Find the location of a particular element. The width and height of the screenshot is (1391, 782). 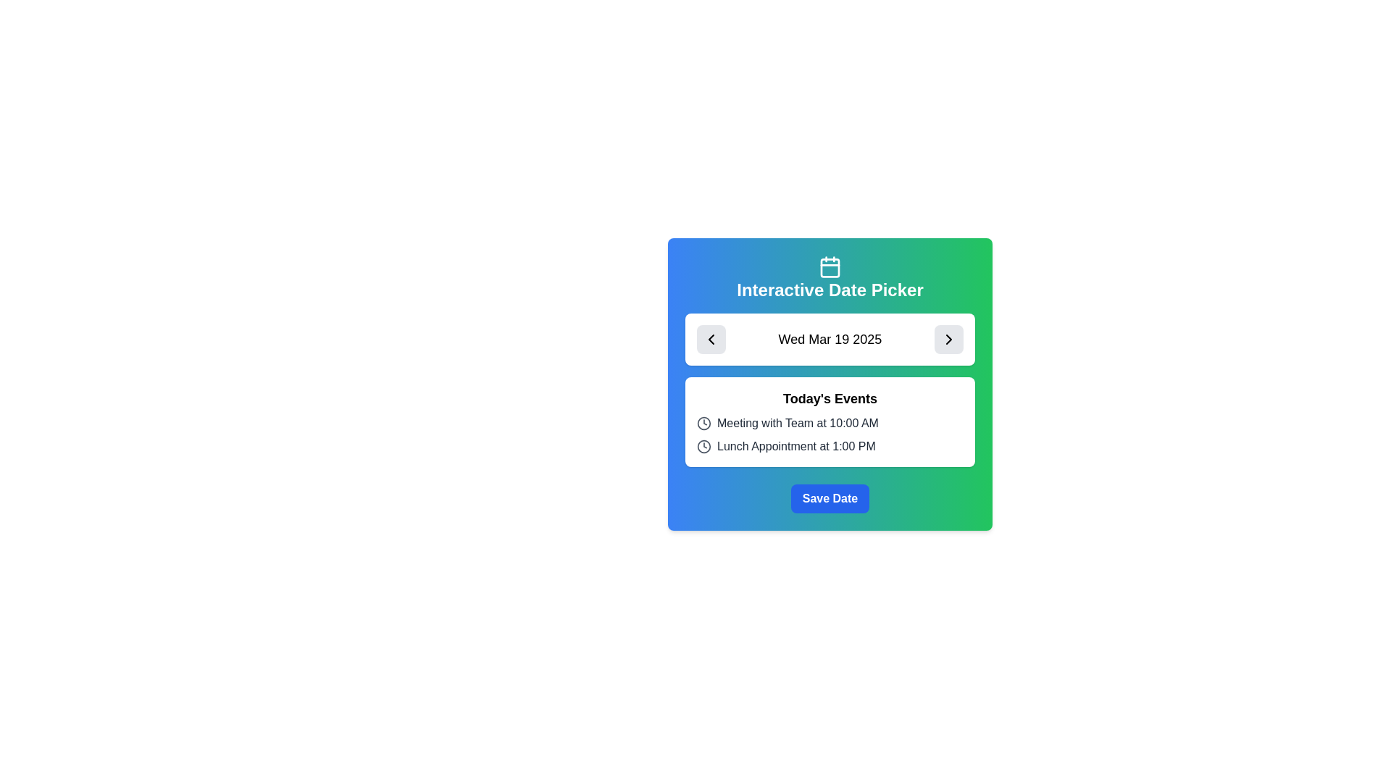

the second list item under the 'Today's Events' section, which displays information about the event 'Lunch Appointment at 1:00 PM.' is located at coordinates (830, 446).